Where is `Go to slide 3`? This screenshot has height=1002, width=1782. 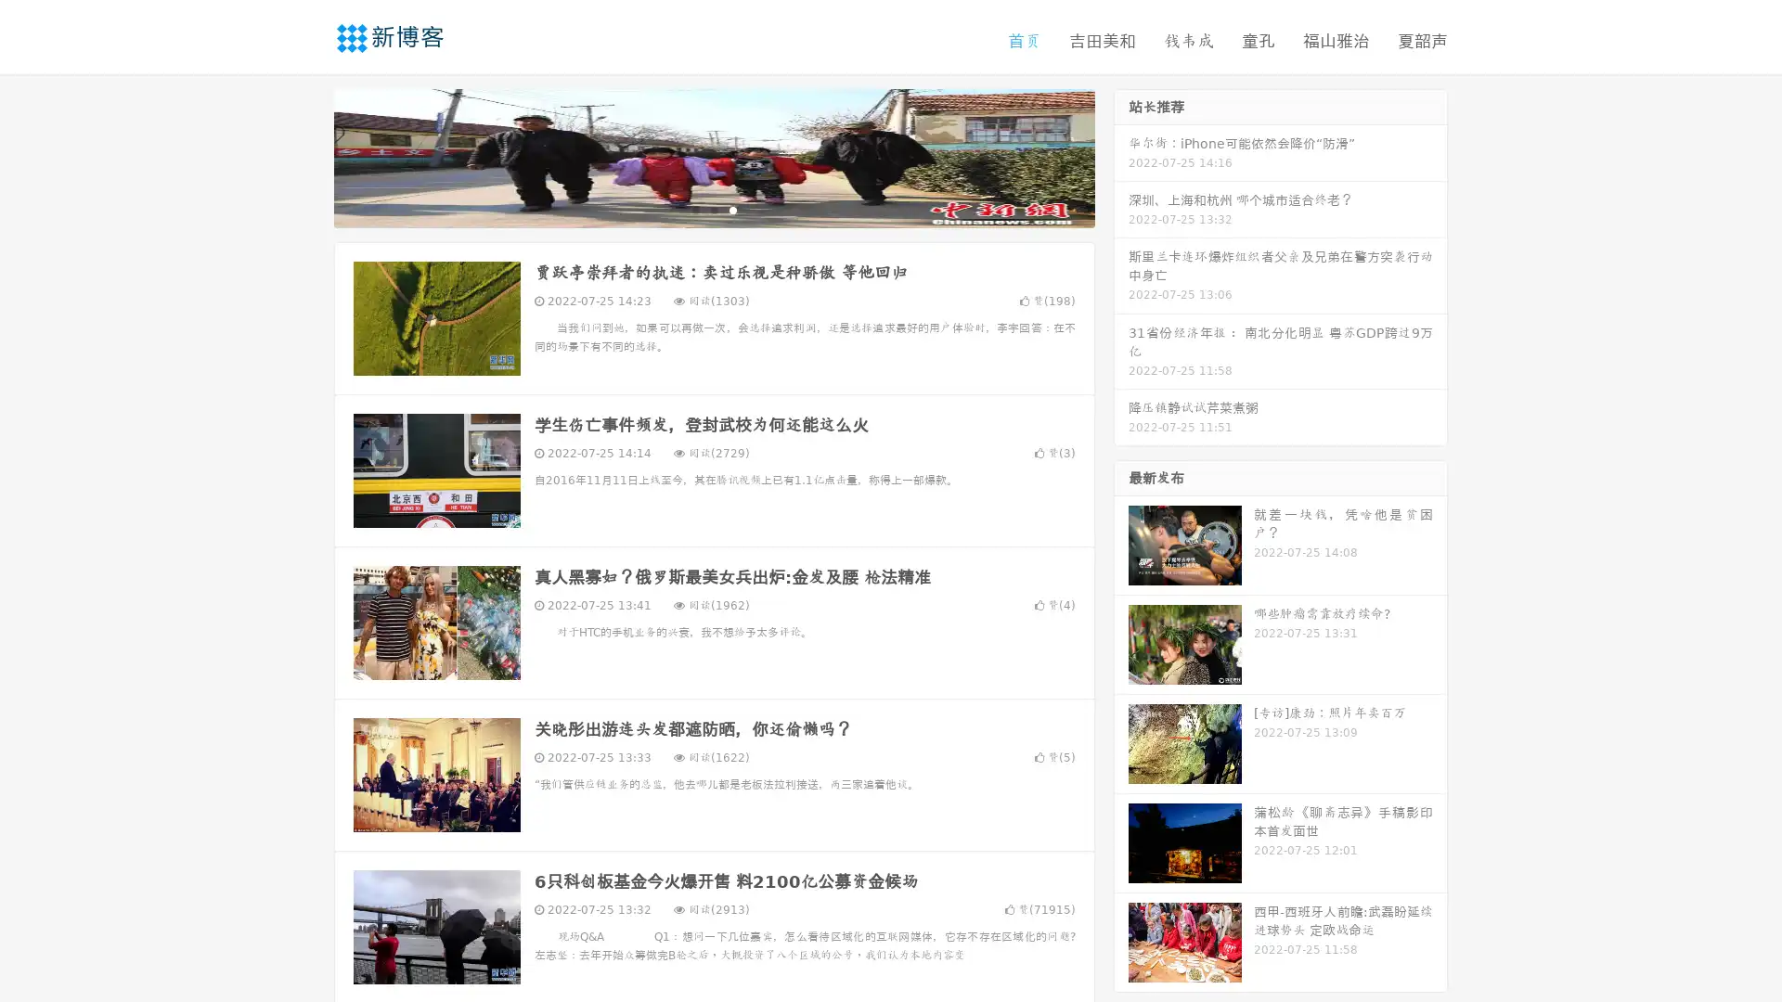 Go to slide 3 is located at coordinates (732, 209).